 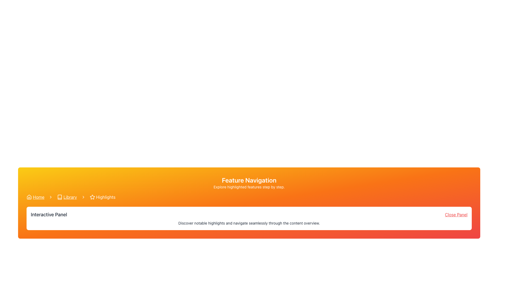 What do you see at coordinates (249, 187) in the screenshot?
I see `the text component that says 'Explore highlighted features step by step.' which is styled in a small font and positioned below the 'Feature Navigation' heading, within a gradient orange background` at bounding box center [249, 187].